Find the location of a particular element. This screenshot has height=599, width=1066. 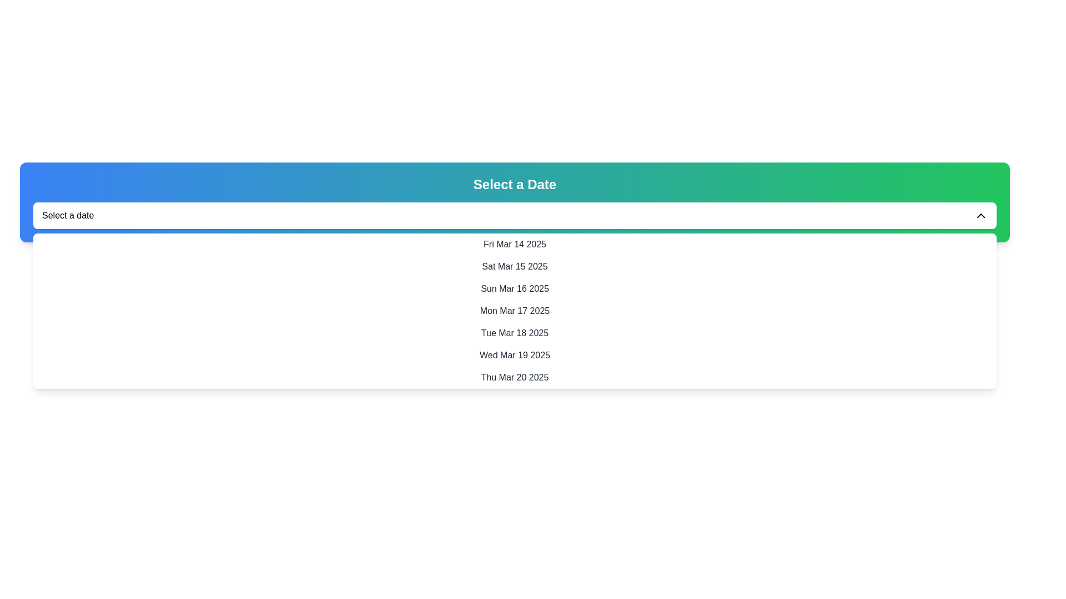

the clickable list item representing the date 'Sun Mar 16 2025' within the dropdown menu is located at coordinates (514, 288).